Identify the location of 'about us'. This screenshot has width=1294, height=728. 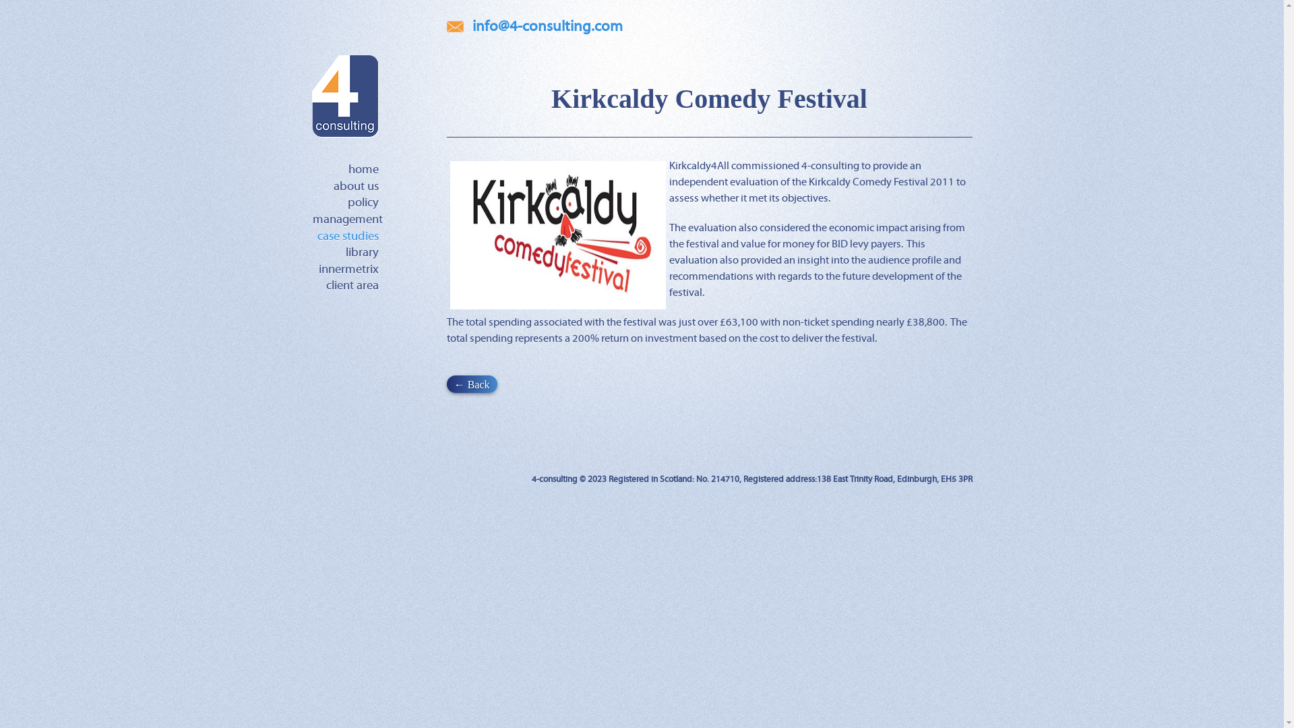
(355, 187).